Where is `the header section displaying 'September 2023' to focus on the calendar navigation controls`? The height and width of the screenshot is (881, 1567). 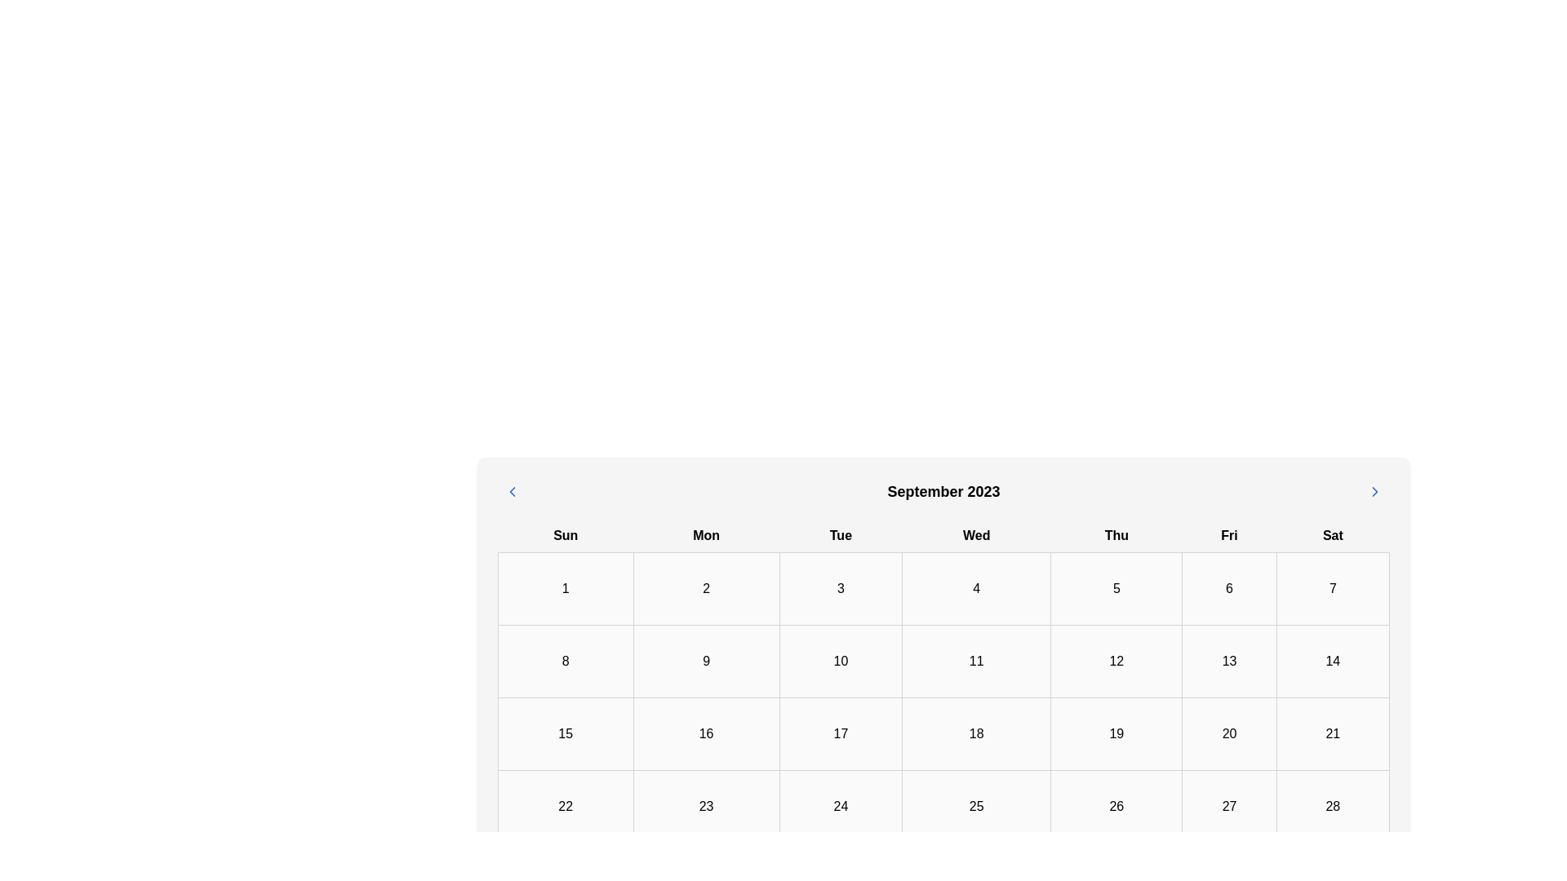 the header section displaying 'September 2023' to focus on the calendar navigation controls is located at coordinates (943, 490).